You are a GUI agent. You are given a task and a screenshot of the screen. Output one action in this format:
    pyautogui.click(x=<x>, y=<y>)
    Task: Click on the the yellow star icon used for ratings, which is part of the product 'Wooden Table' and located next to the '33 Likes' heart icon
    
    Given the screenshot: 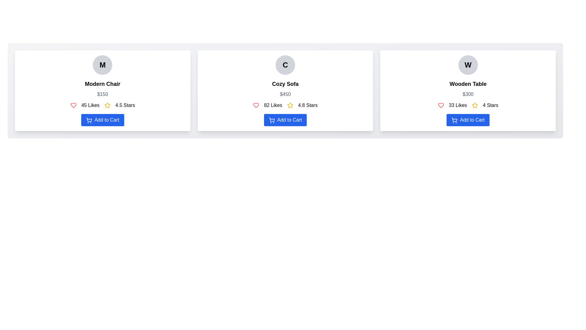 What is the action you would take?
    pyautogui.click(x=475, y=105)
    